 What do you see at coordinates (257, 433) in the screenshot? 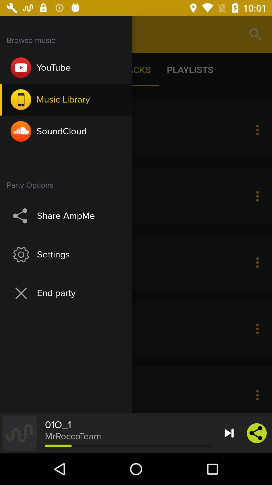
I see `the share icon` at bounding box center [257, 433].